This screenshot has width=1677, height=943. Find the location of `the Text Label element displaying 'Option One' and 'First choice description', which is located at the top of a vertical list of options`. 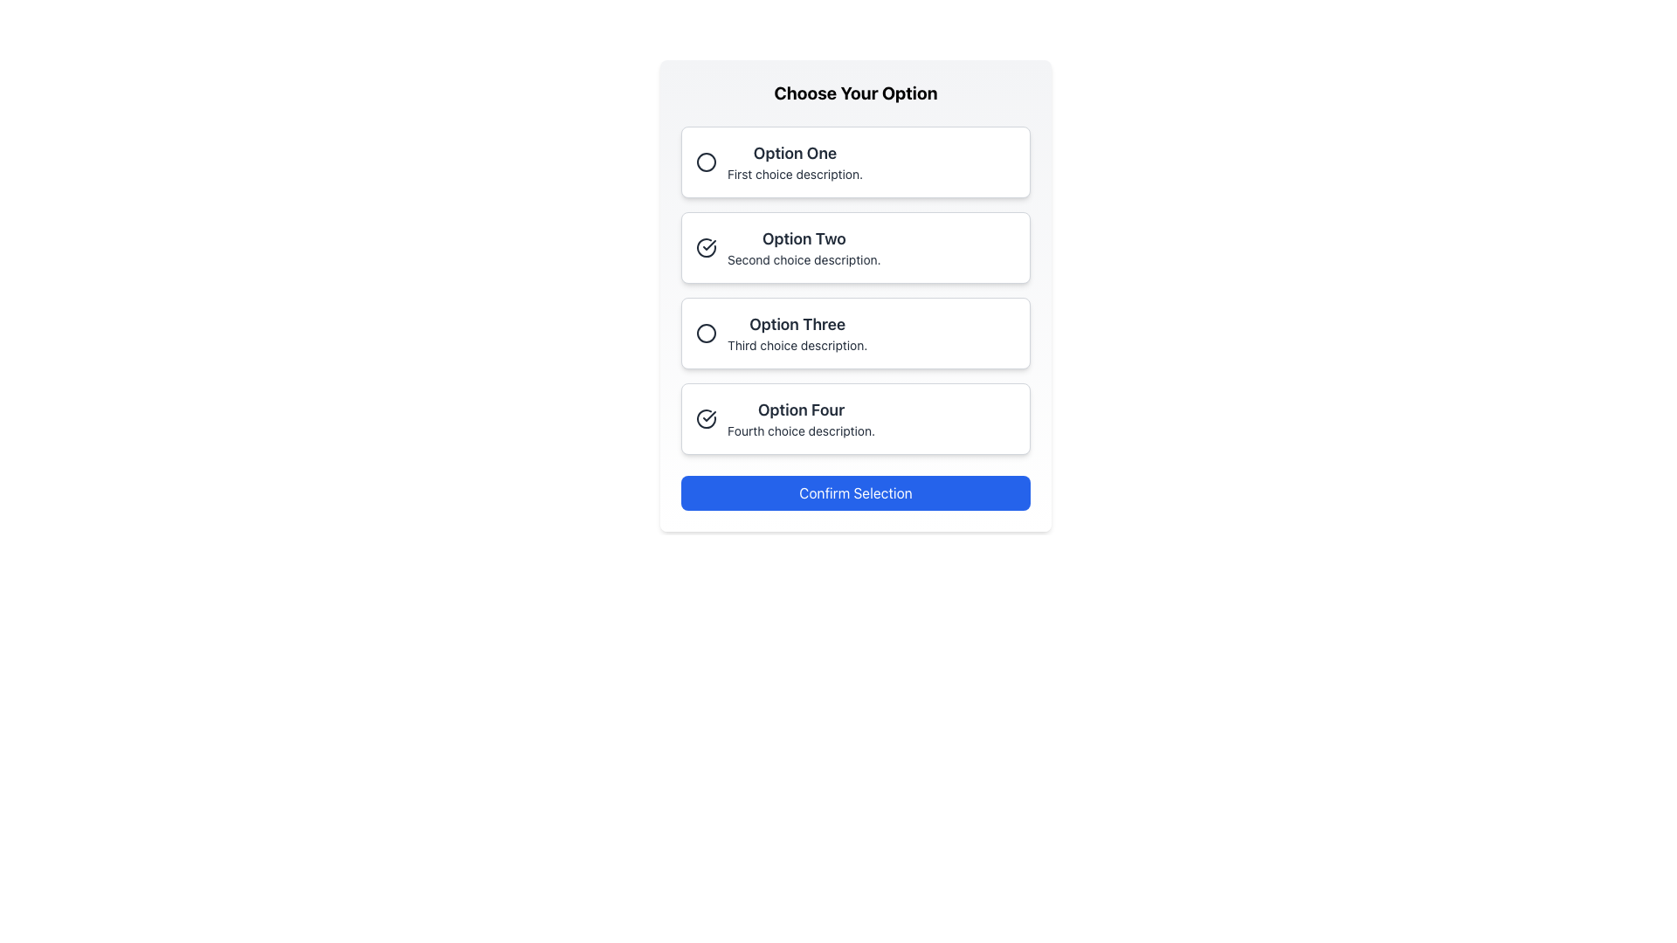

the Text Label element displaying 'Option One' and 'First choice description', which is located at the top of a vertical list of options is located at coordinates (794, 162).